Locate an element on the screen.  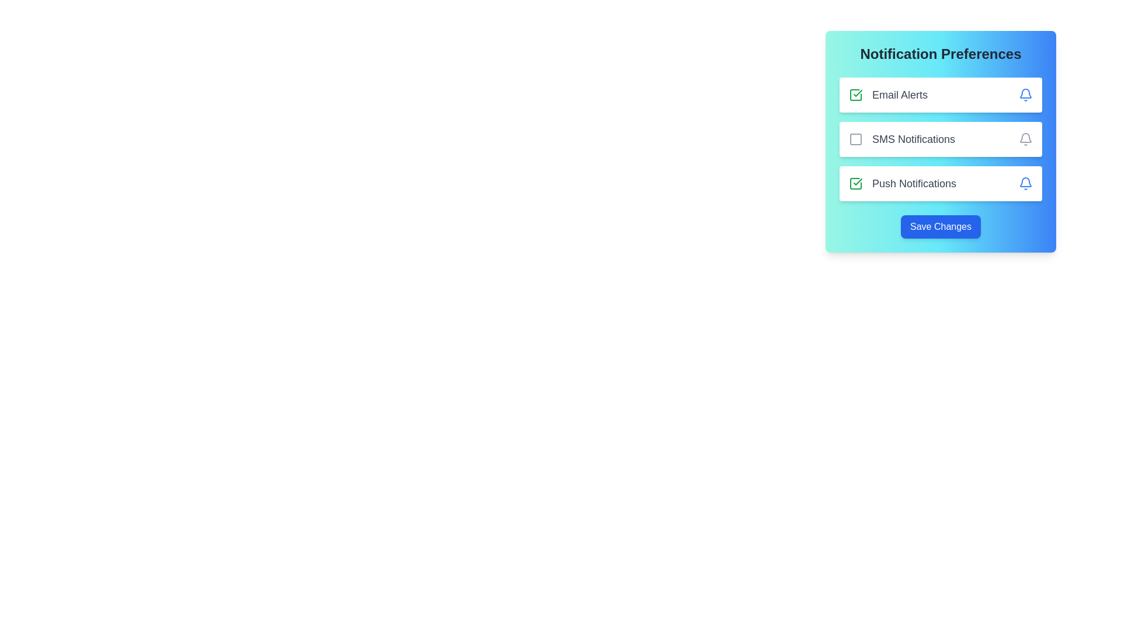
text label indicating 'Push Notifications' which is the third text label in the list of notification preferences, located beneath 'SMS Notifications' and adjacent to a checkbox and a bell icon is located at coordinates (913, 184).